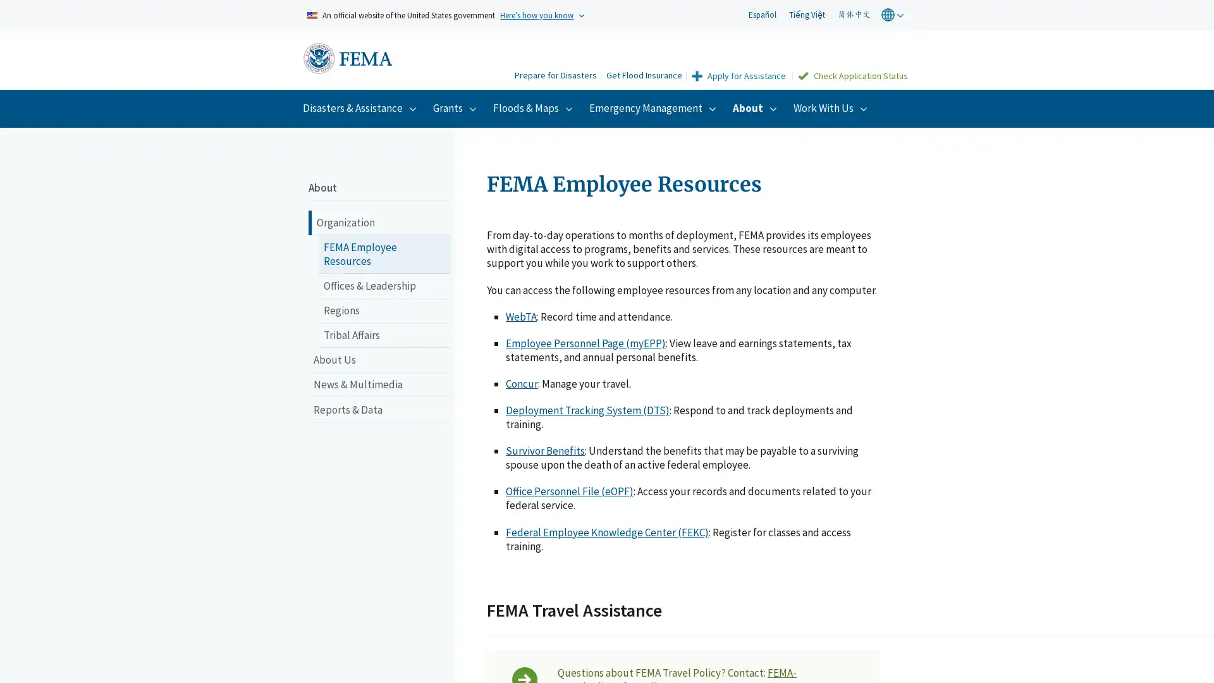  What do you see at coordinates (456, 107) in the screenshot?
I see `Grants` at bounding box center [456, 107].